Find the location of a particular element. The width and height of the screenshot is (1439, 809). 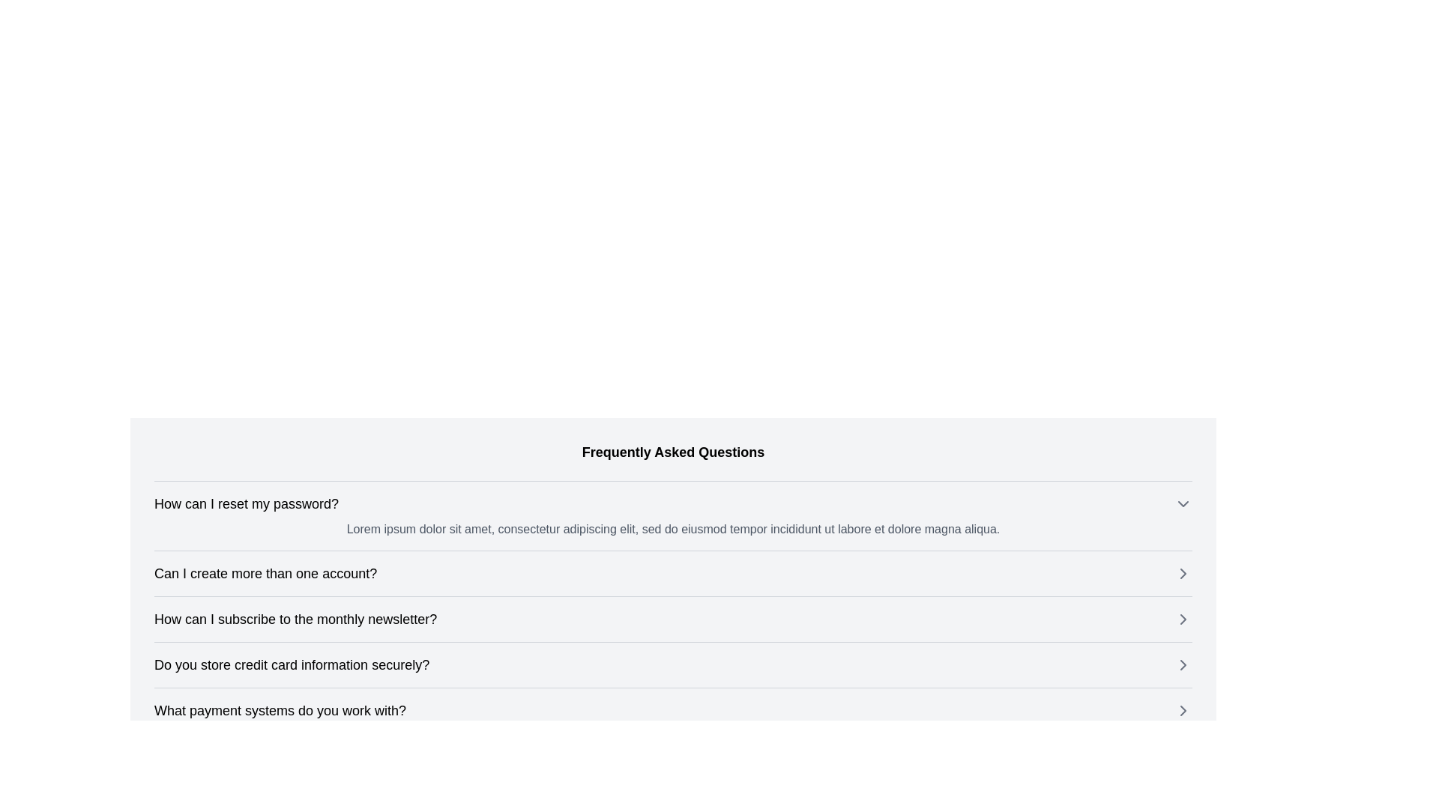

the chevron arrow icon styled in SVG format, located at the far right end of the 'What payment systems do you work with?' question row in the FAQ section is located at coordinates (1183, 709).